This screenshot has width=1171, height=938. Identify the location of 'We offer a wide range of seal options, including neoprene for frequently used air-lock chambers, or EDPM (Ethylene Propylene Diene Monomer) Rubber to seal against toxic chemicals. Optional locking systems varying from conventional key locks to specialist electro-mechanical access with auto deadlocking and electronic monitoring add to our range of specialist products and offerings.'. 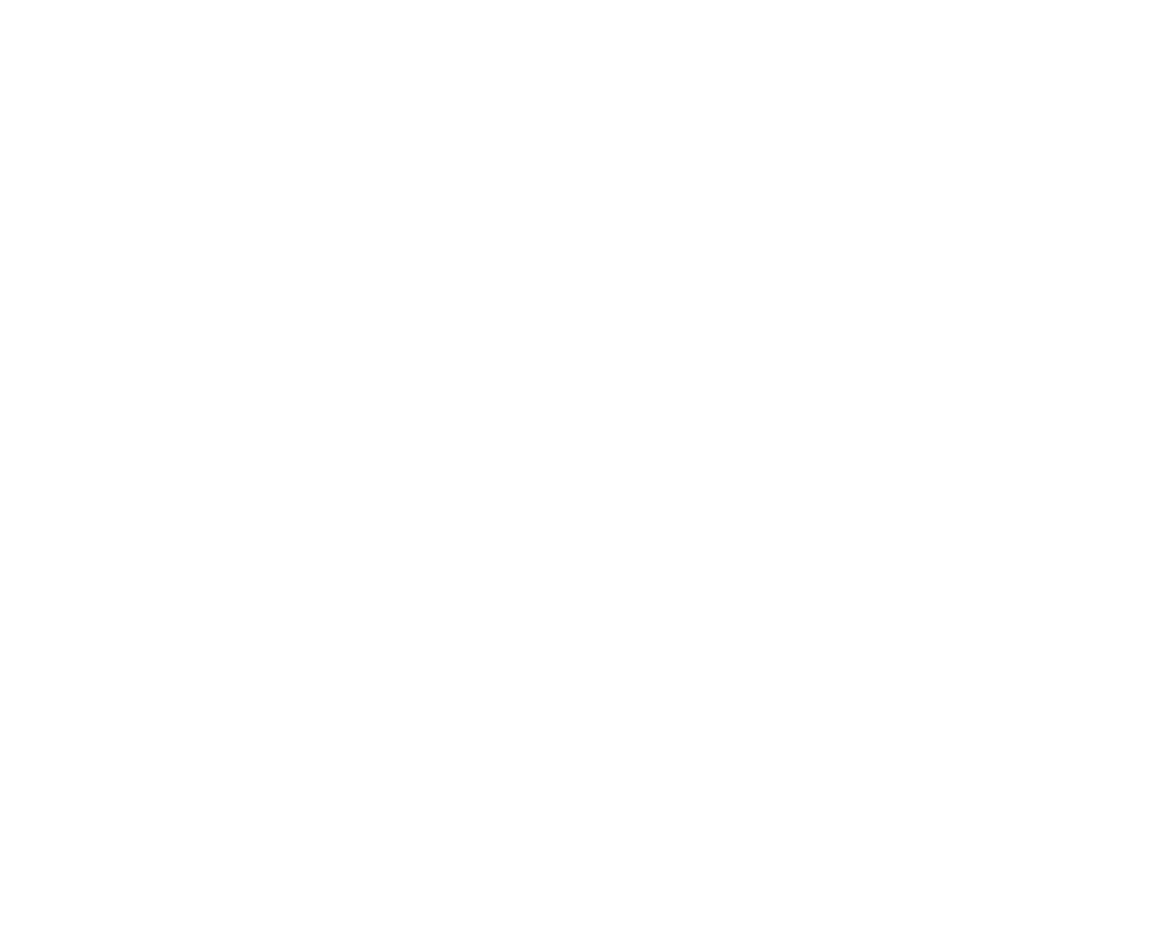
(570, 239).